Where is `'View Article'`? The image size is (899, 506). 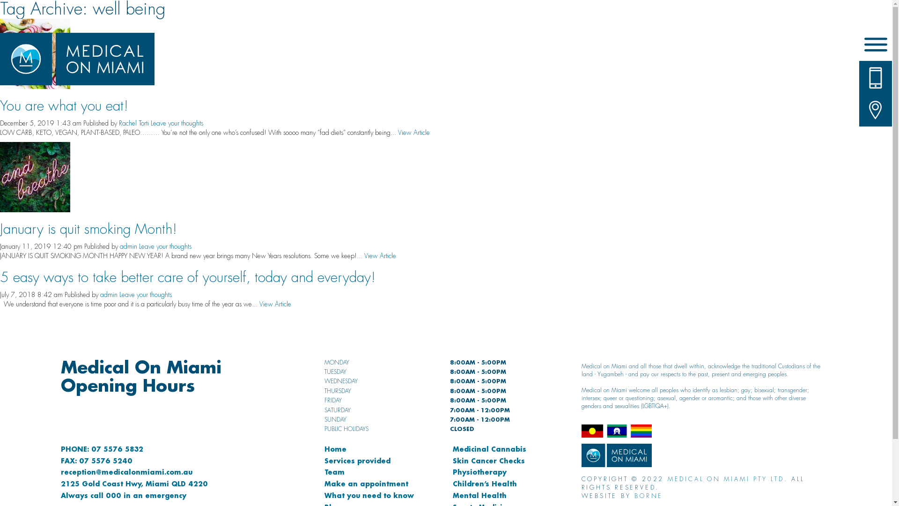 'View Article' is located at coordinates (380, 256).